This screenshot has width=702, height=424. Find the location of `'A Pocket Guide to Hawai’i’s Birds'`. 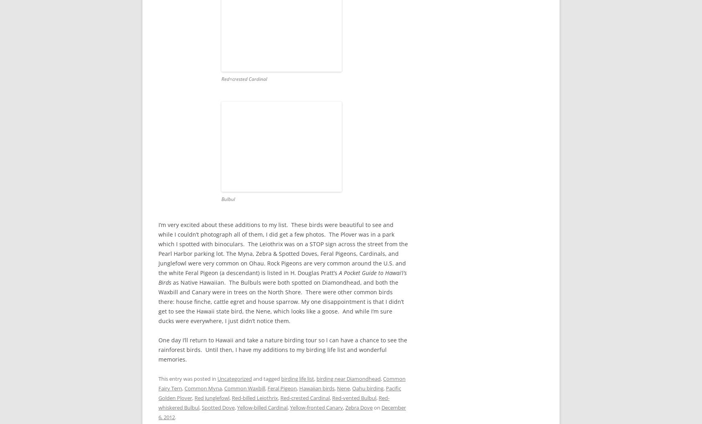

'A Pocket Guide to Hawai’i’s Birds' is located at coordinates (158, 277).